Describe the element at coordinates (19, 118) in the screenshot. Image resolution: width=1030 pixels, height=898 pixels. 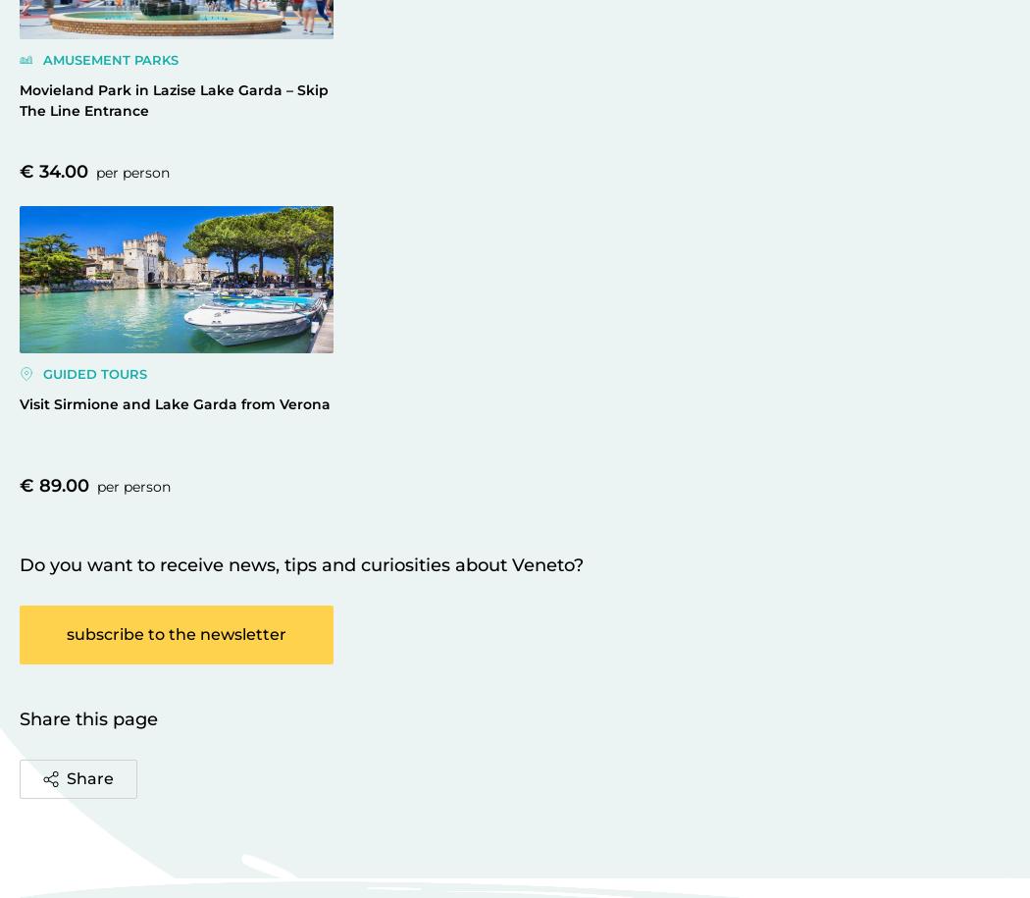
I see `'Manage cookies preferences'` at that location.